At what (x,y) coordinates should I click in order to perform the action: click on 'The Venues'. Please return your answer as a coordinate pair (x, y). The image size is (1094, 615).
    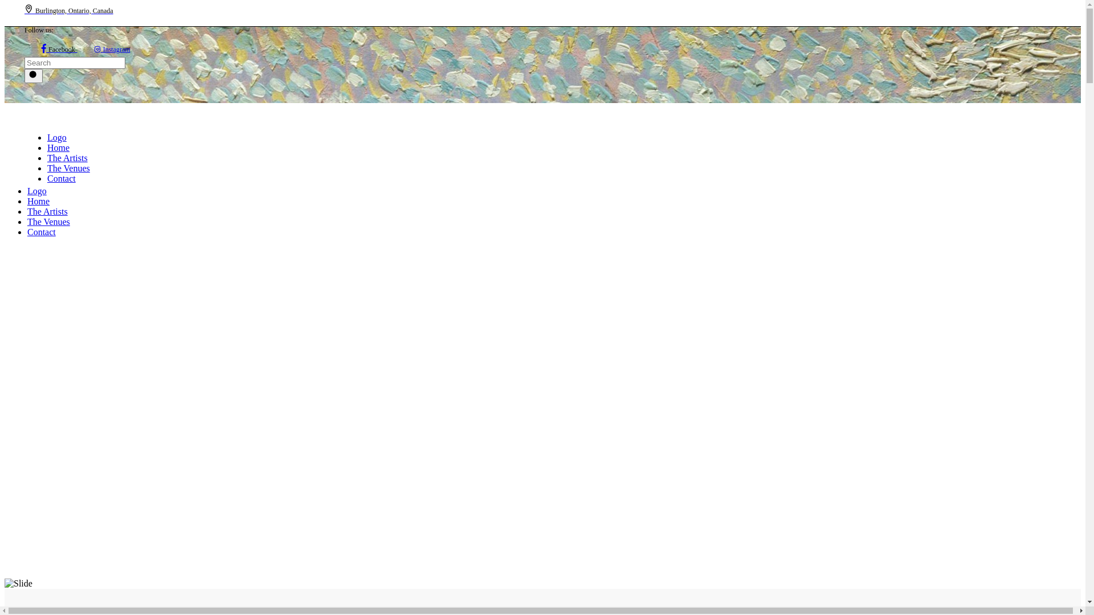
    Looking at the image, I should click on (68, 168).